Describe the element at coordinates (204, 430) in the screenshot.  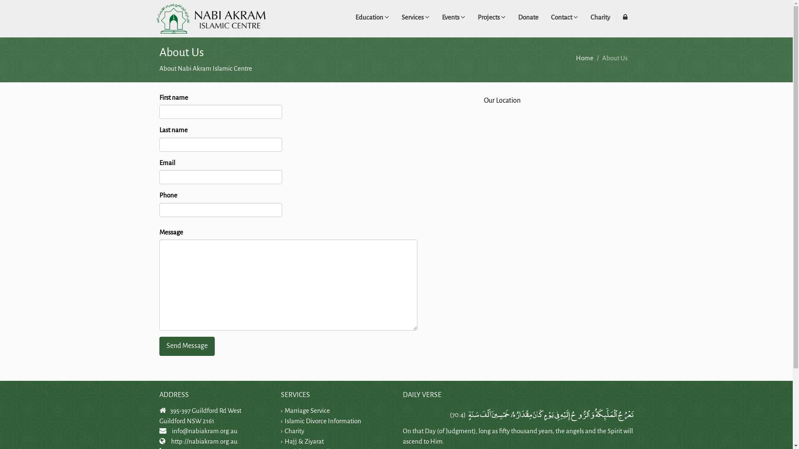
I see `'info@nabiakram.org.au'` at that location.